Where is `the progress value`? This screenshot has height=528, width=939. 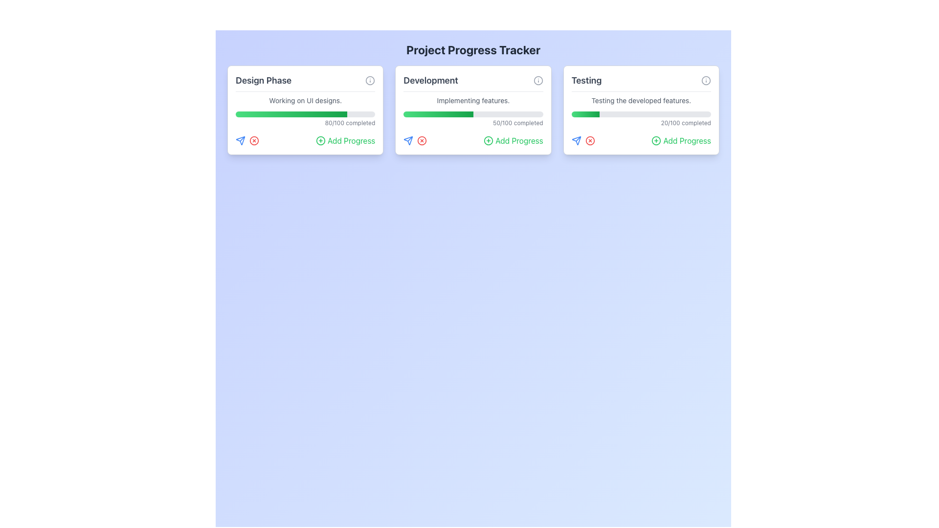
the progress value is located at coordinates (585, 114).